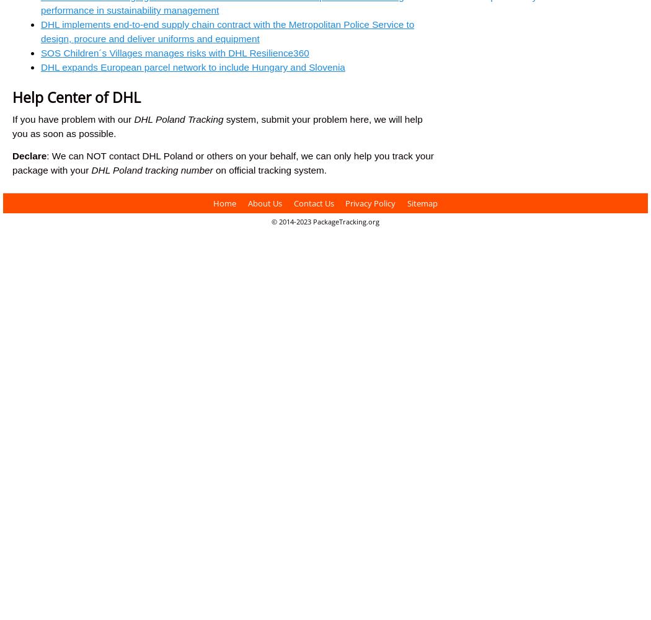 Image resolution: width=651 pixels, height=620 pixels. I want to click on 'SOS Children´s Villages manages risks with DHL Resilience360', so click(174, 52).